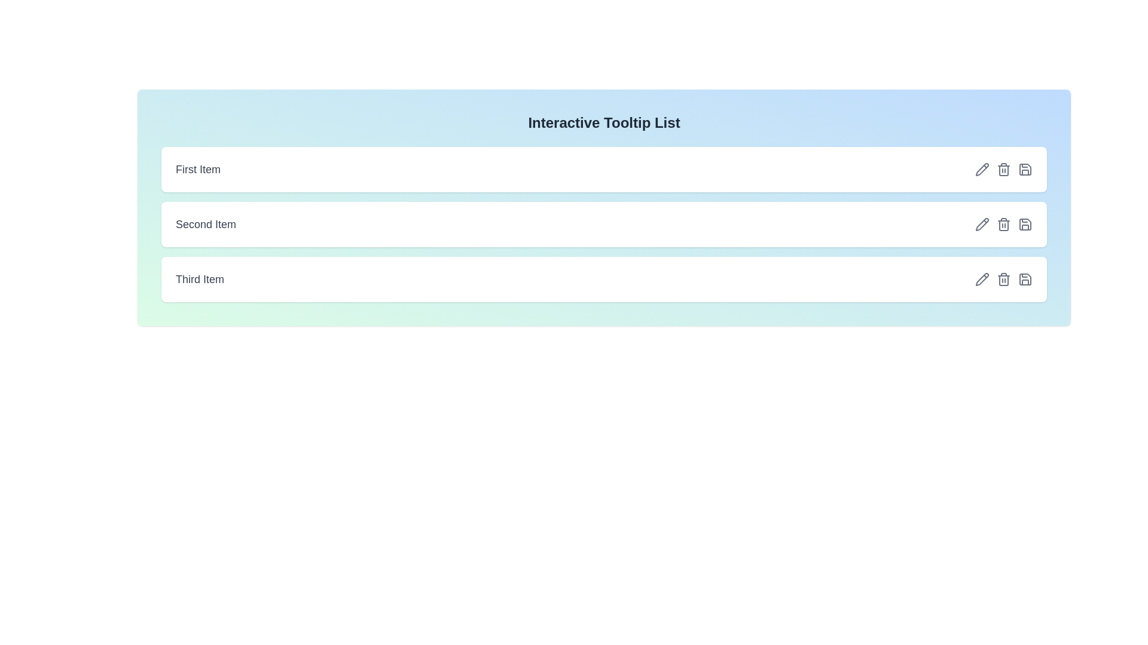  I want to click on the text label displaying 'Second Item' which is styled in gray and positioned as the second row in a vertically arranged list, so click(206, 224).